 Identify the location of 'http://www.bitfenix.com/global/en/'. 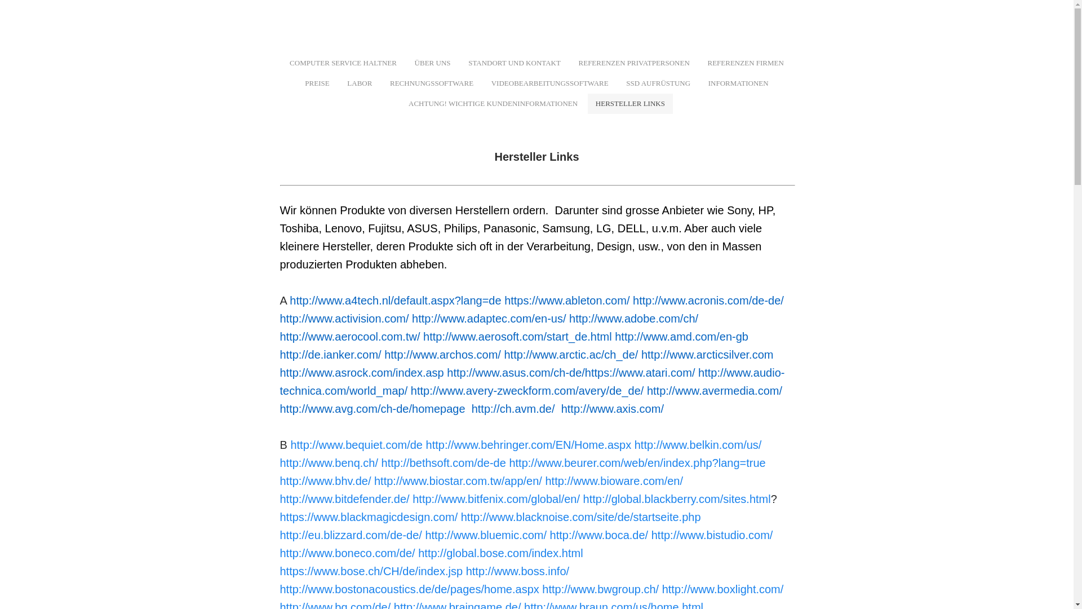
(411, 498).